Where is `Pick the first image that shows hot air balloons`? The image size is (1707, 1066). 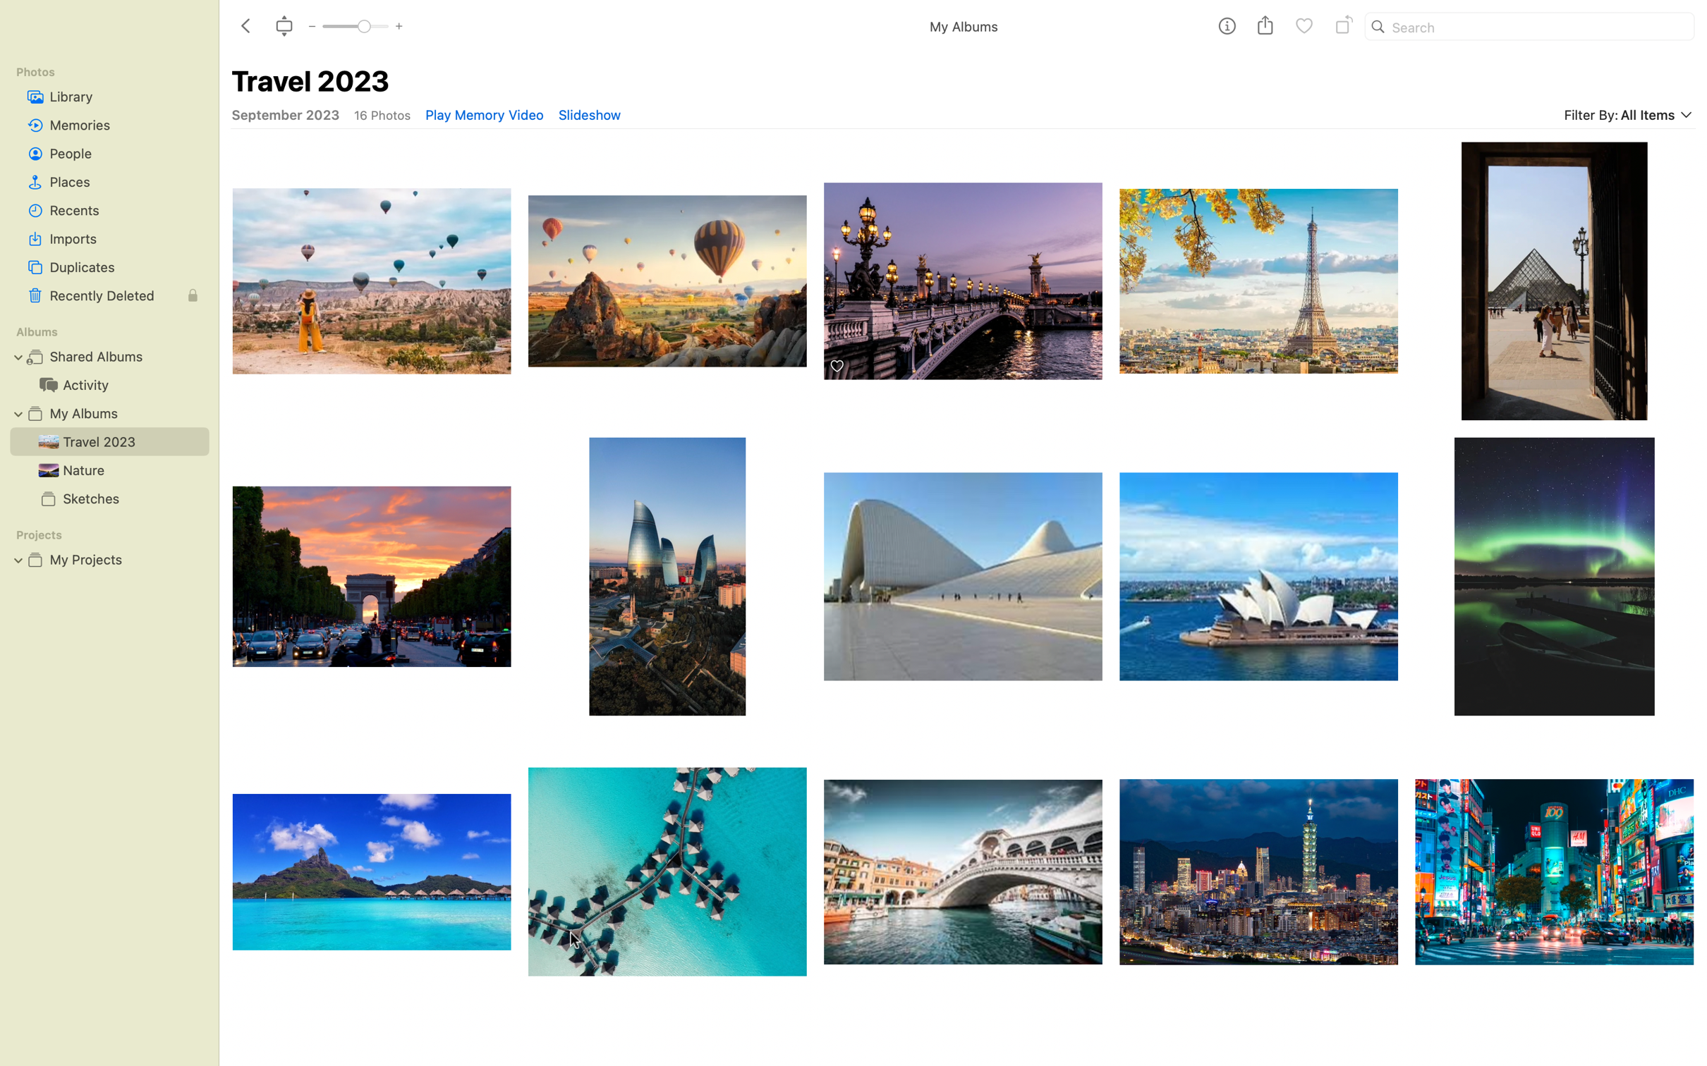
Pick the first image that shows hot air balloons is located at coordinates (370, 274).